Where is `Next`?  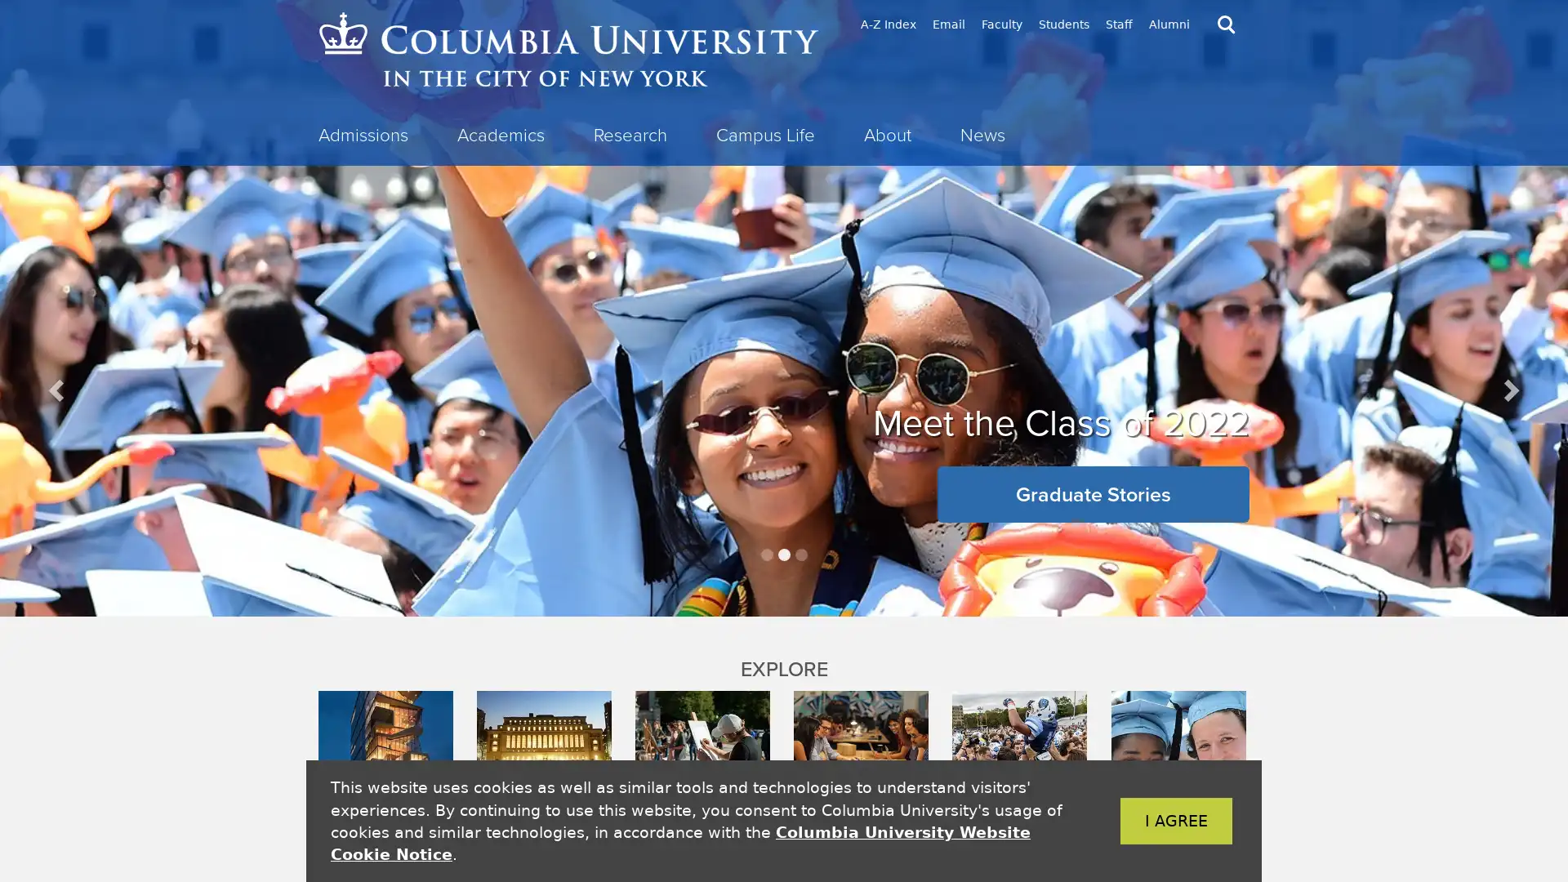 Next is located at coordinates (1508, 390).